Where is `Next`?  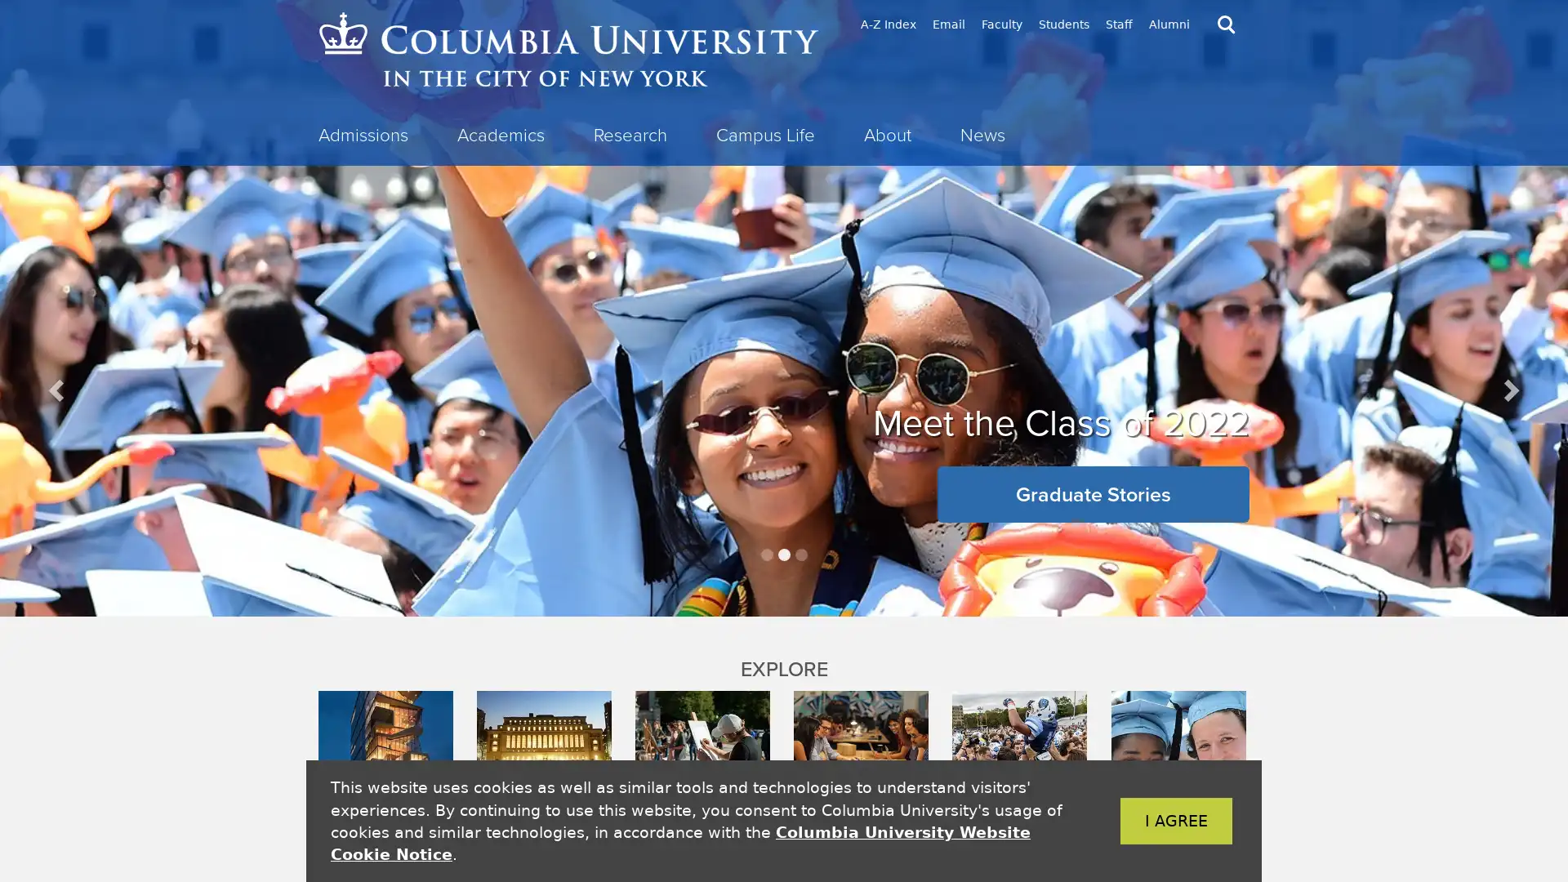 Next is located at coordinates (1508, 390).